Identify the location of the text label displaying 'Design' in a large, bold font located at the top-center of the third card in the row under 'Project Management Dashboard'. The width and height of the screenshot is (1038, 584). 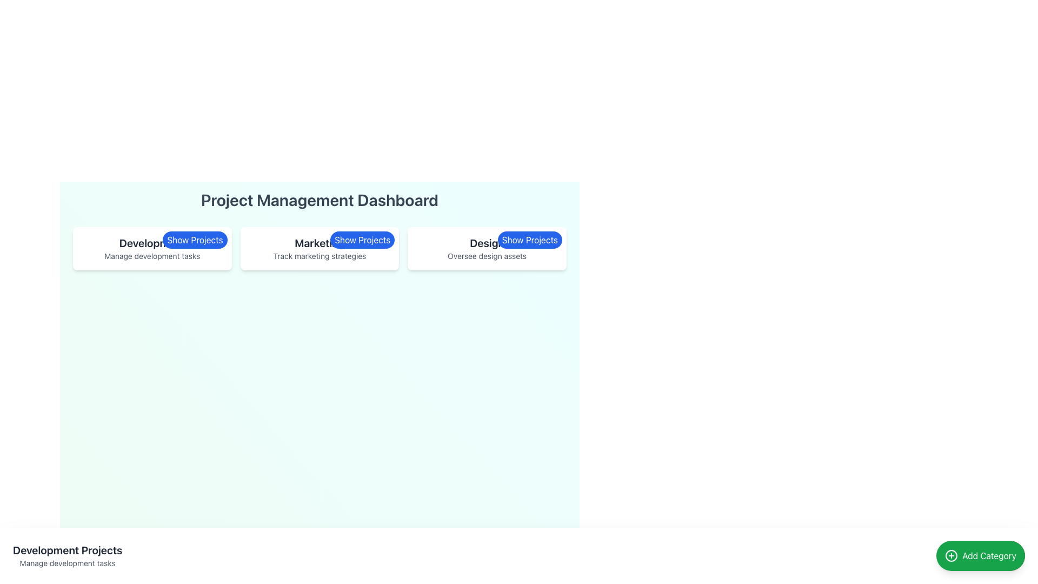
(487, 243).